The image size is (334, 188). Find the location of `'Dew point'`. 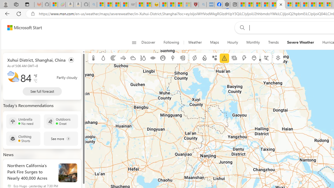

'Dew point' is located at coordinates (172, 58).